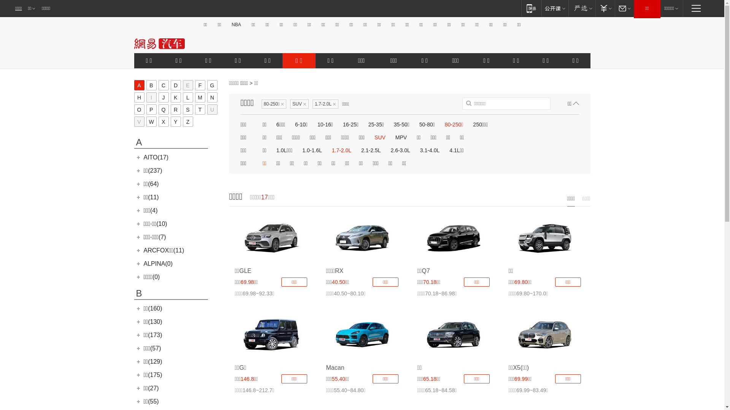 Image resolution: width=730 pixels, height=410 pixels. What do you see at coordinates (144, 157) in the screenshot?
I see `'AITO(17)'` at bounding box center [144, 157].